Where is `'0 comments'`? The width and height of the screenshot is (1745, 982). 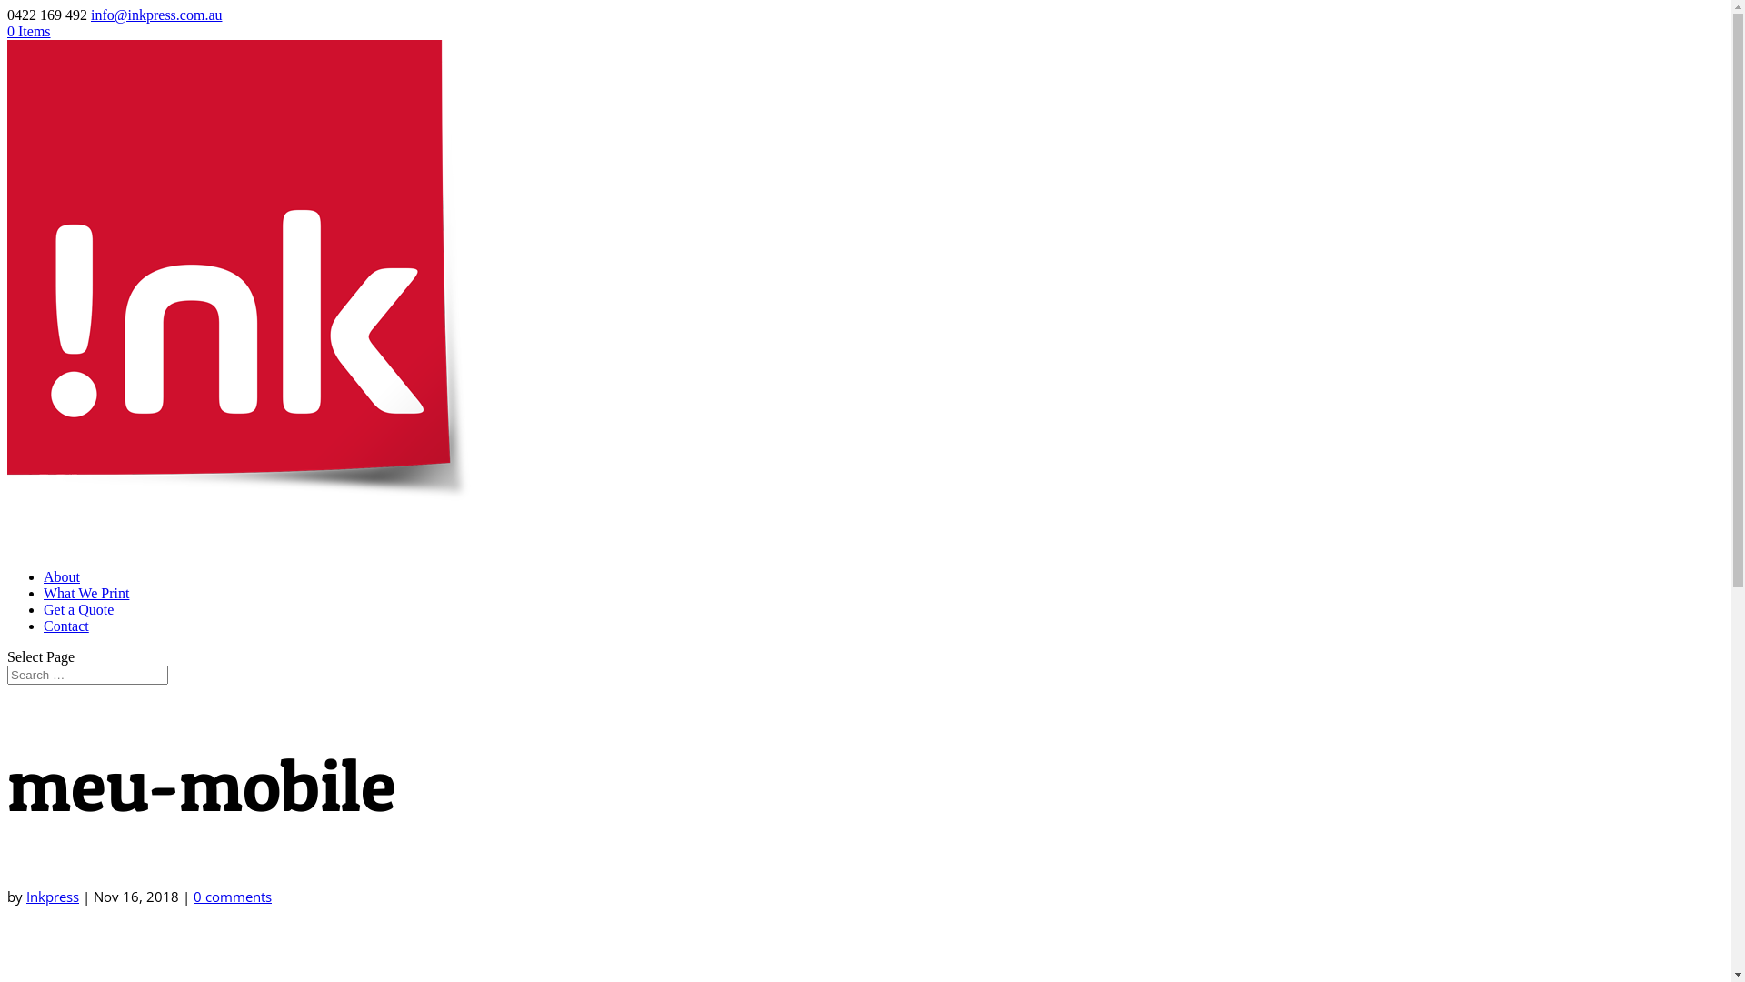 '0 comments' is located at coordinates (193, 896).